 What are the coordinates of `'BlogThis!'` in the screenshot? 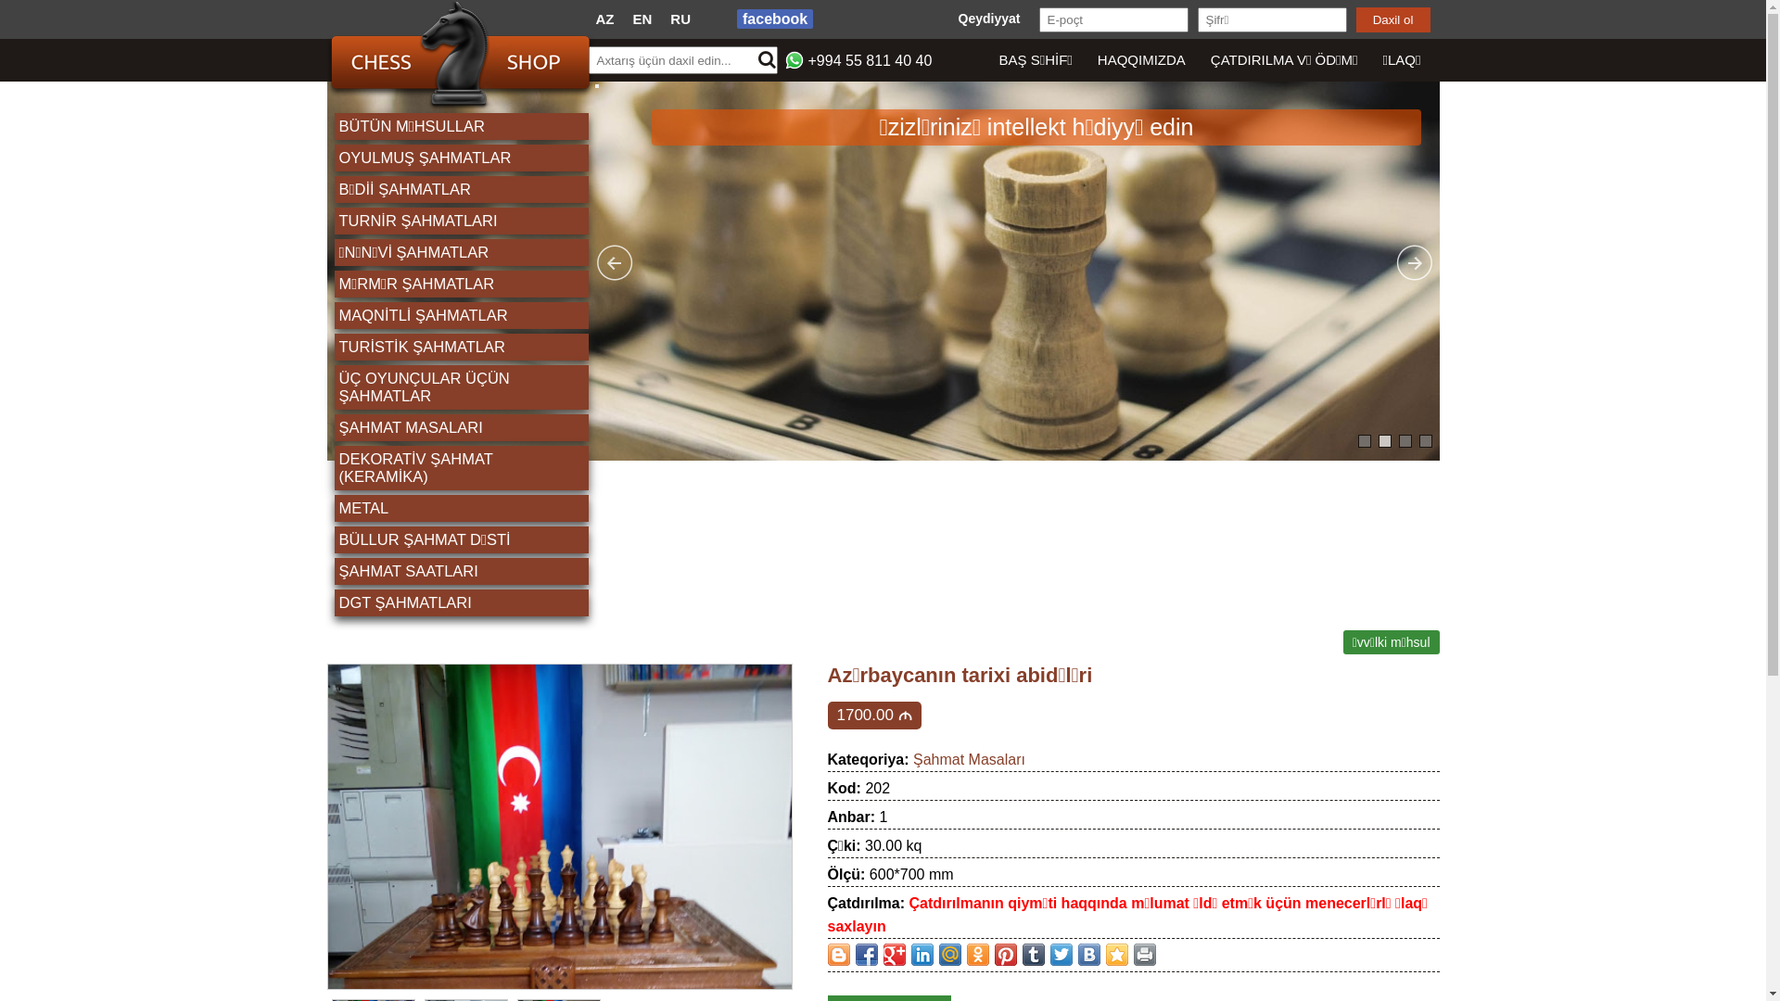 It's located at (826, 954).